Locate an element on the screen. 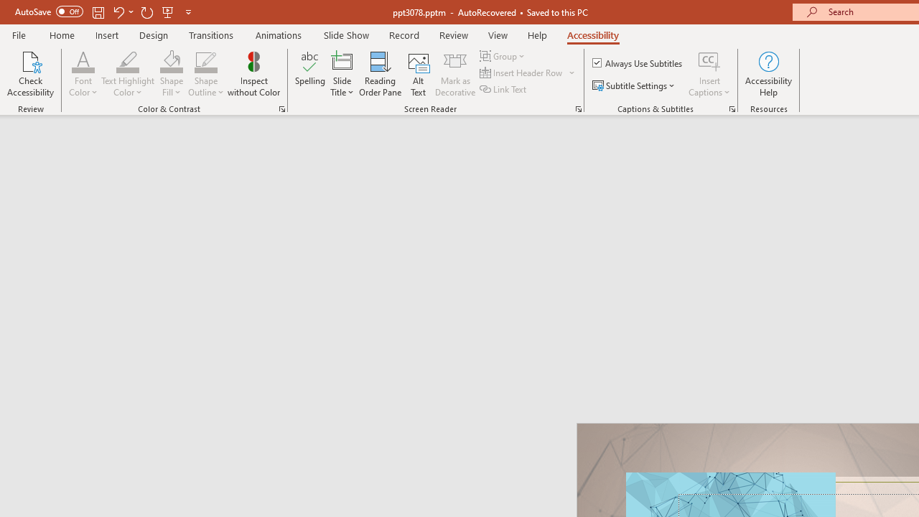 The height and width of the screenshot is (517, 919). 'Reading Order Pane' is located at coordinates (380, 74).